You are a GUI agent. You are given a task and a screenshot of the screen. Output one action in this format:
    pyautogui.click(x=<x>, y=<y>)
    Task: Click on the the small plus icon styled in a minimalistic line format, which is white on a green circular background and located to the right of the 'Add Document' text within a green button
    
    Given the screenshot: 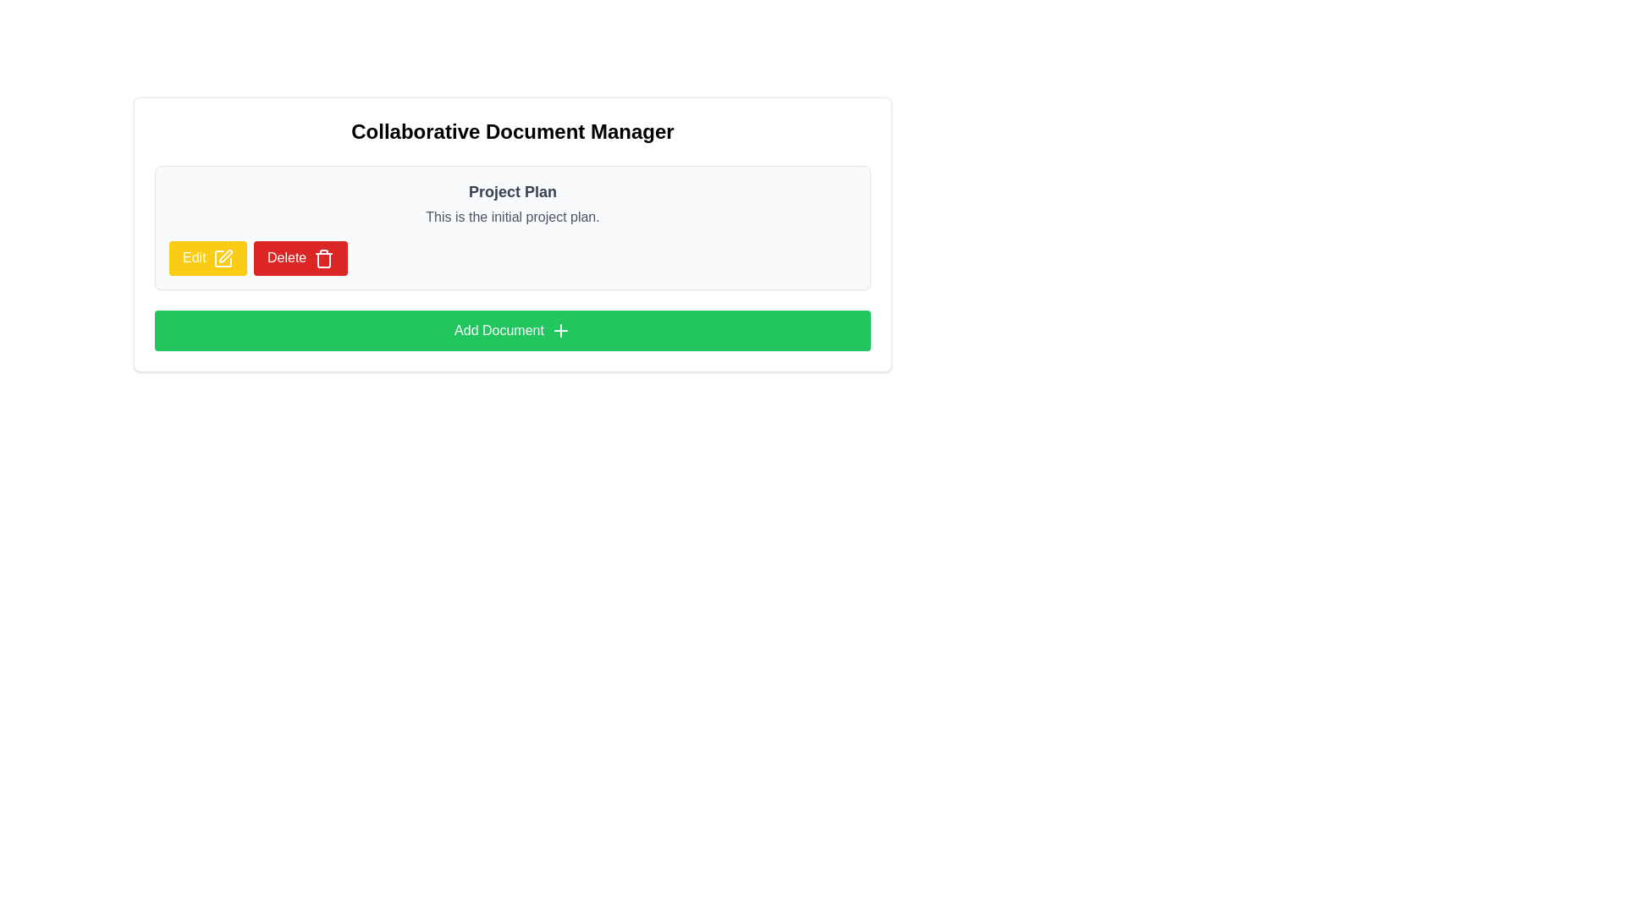 What is the action you would take?
    pyautogui.click(x=560, y=330)
    